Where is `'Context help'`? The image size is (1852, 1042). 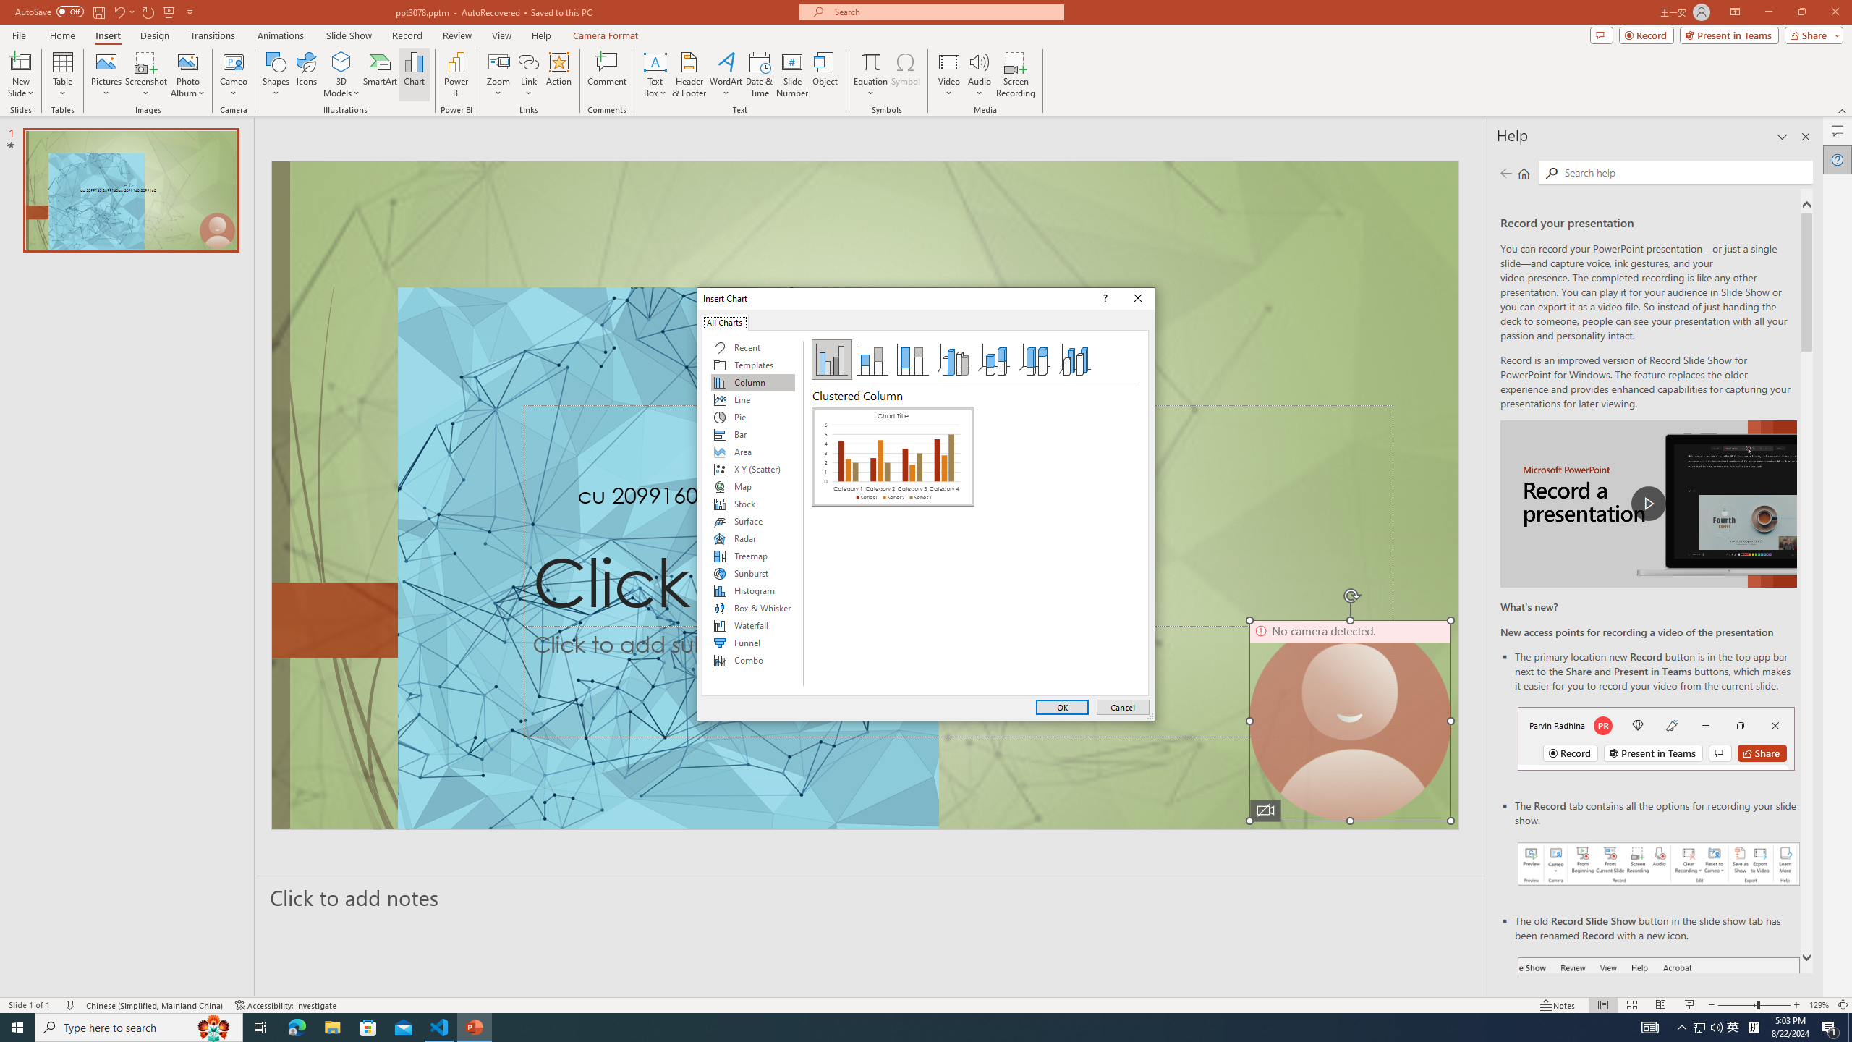 'Context help' is located at coordinates (1103, 297).